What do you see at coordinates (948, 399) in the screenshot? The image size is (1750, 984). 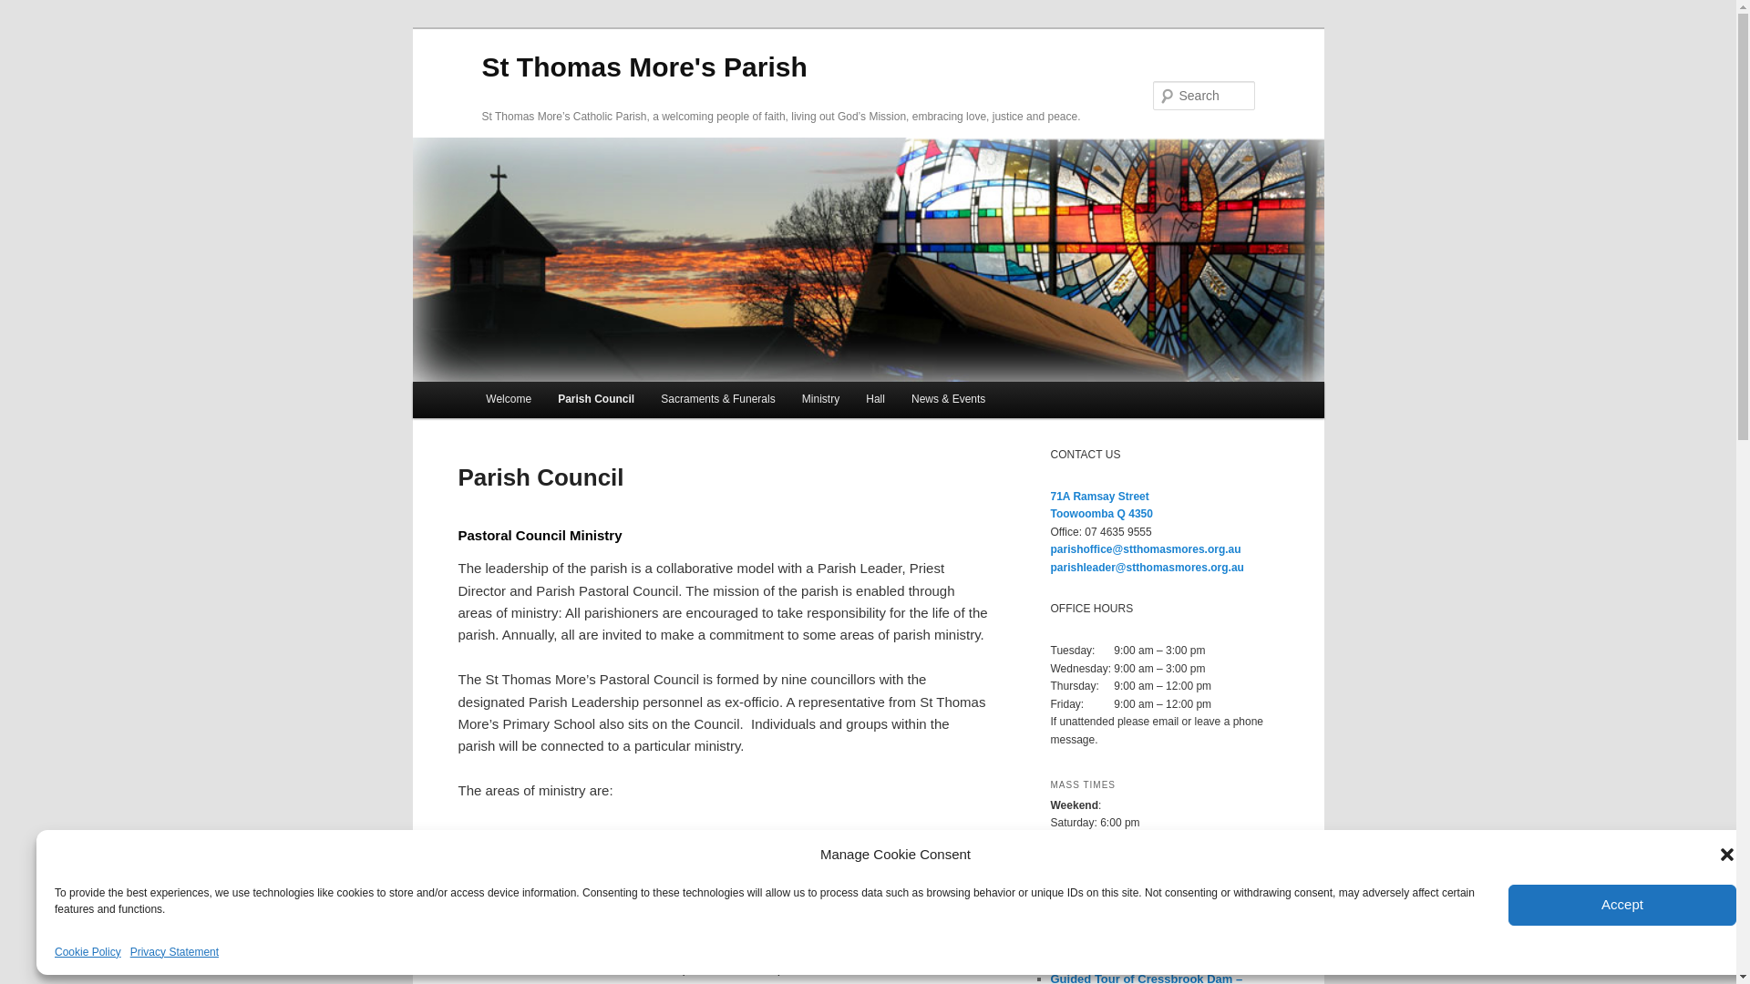 I see `'News & Events'` at bounding box center [948, 399].